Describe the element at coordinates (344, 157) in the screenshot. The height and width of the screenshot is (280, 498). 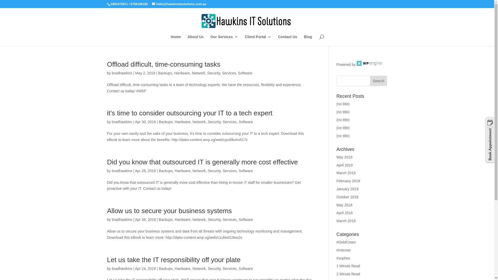
I see `'May 2019'` at that location.